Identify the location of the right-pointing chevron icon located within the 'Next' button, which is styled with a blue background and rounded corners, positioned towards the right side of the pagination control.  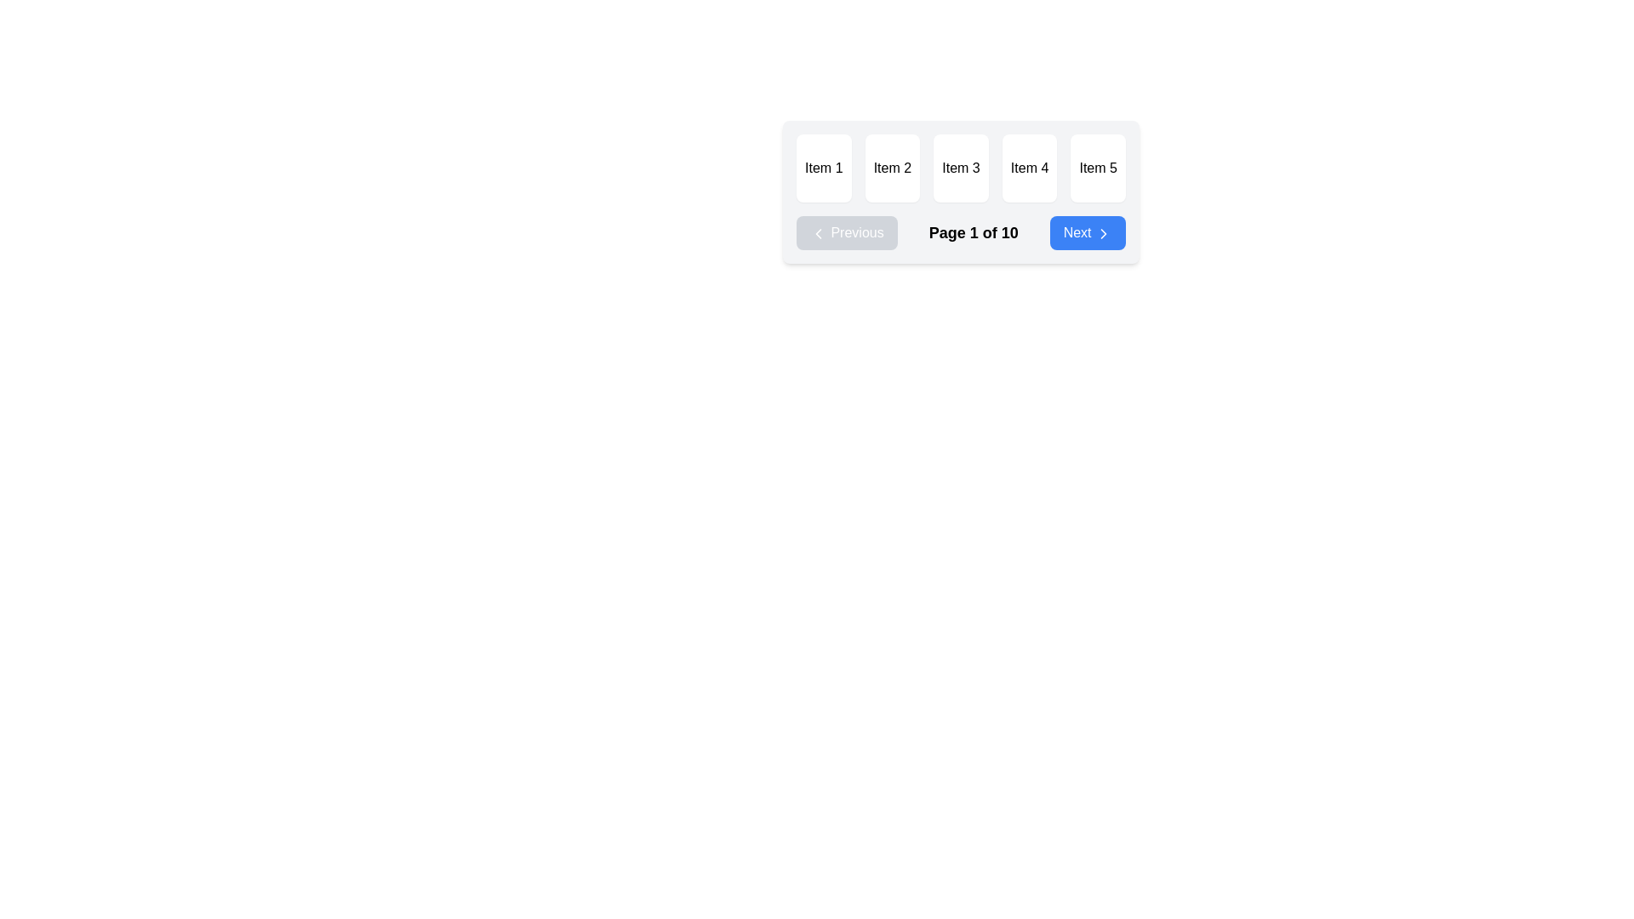
(1103, 232).